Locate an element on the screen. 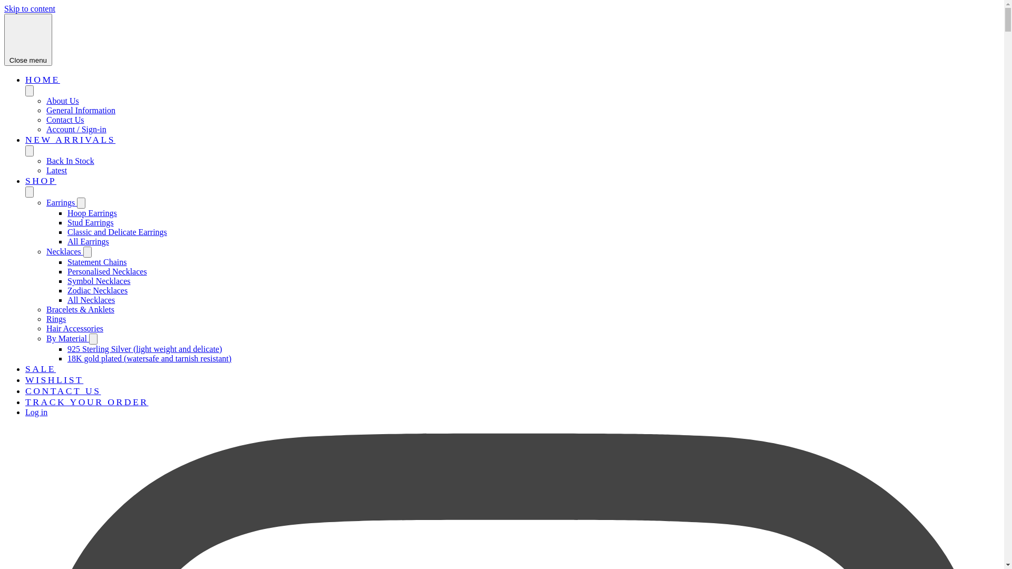  'Hoop Earrings' is located at coordinates (67, 213).